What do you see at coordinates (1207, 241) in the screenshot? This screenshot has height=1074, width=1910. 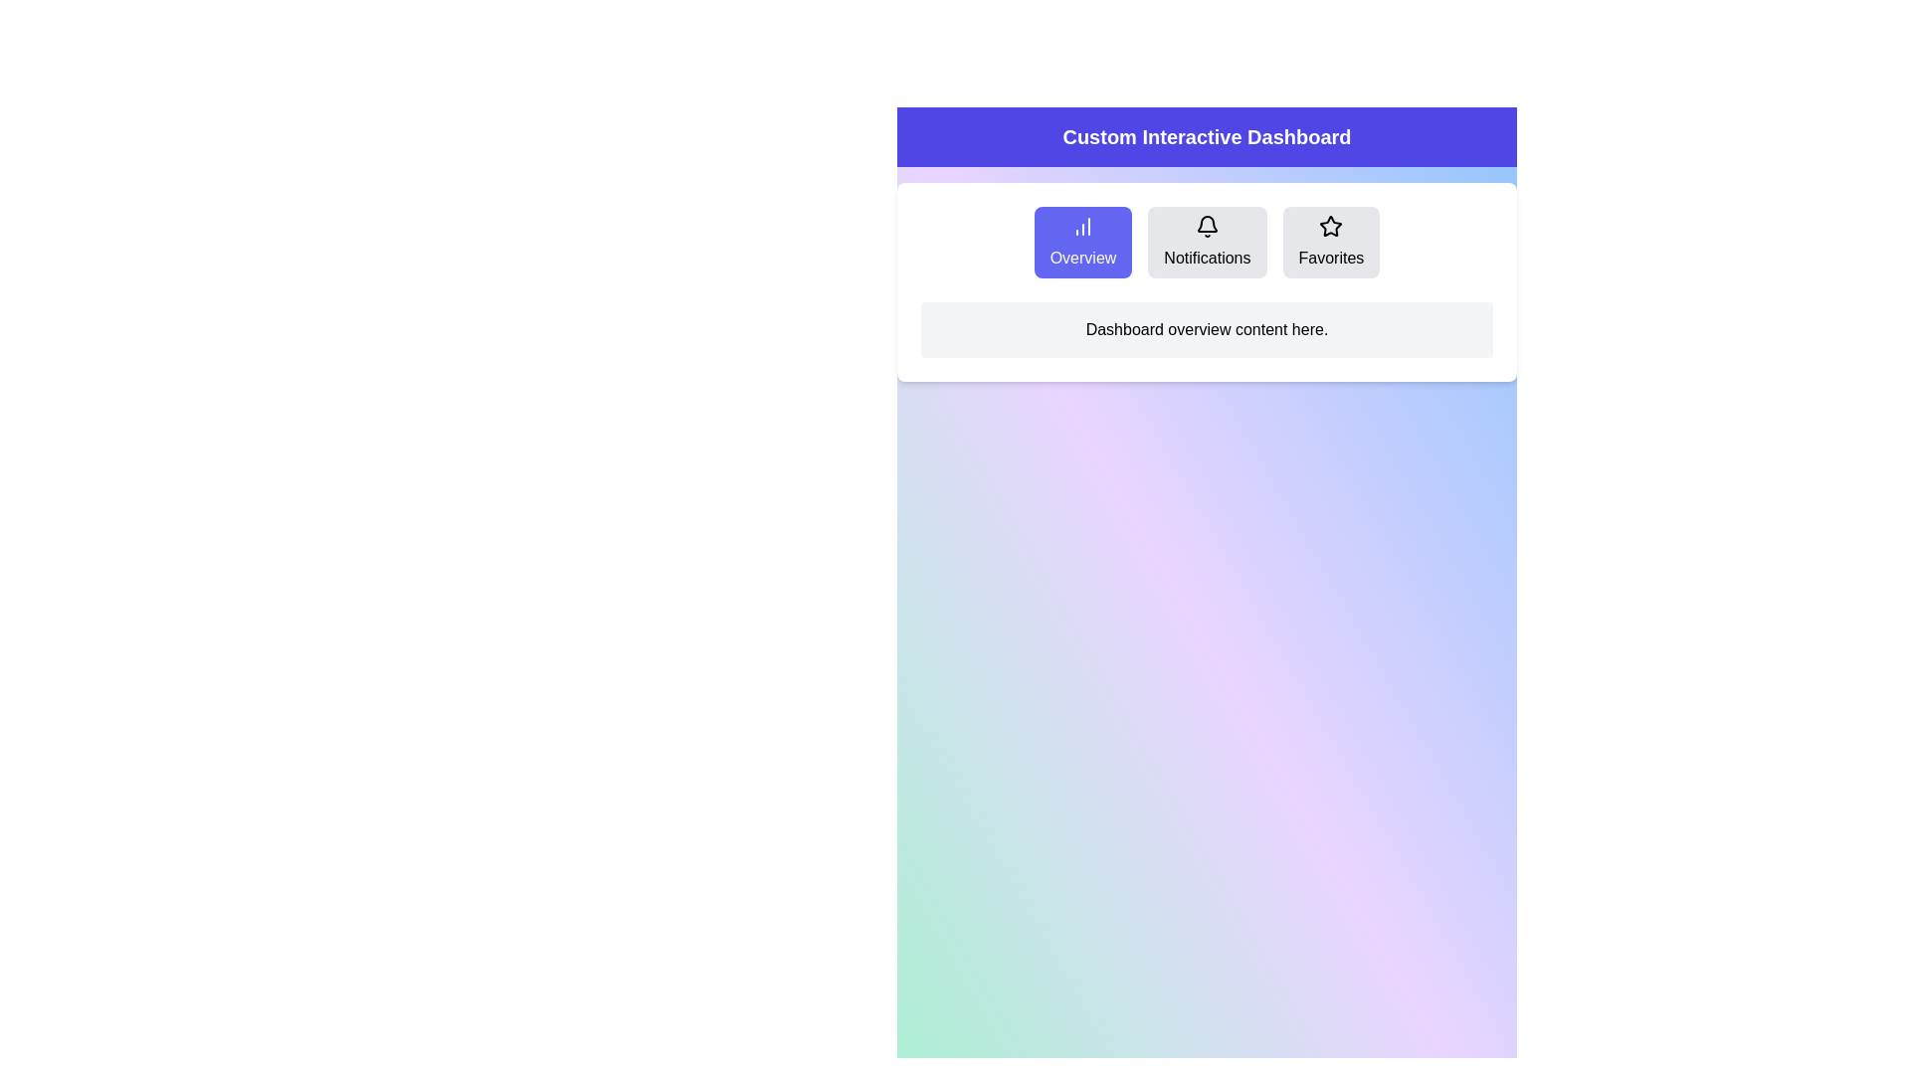 I see `the Notifications tab in the dashboard` at bounding box center [1207, 241].